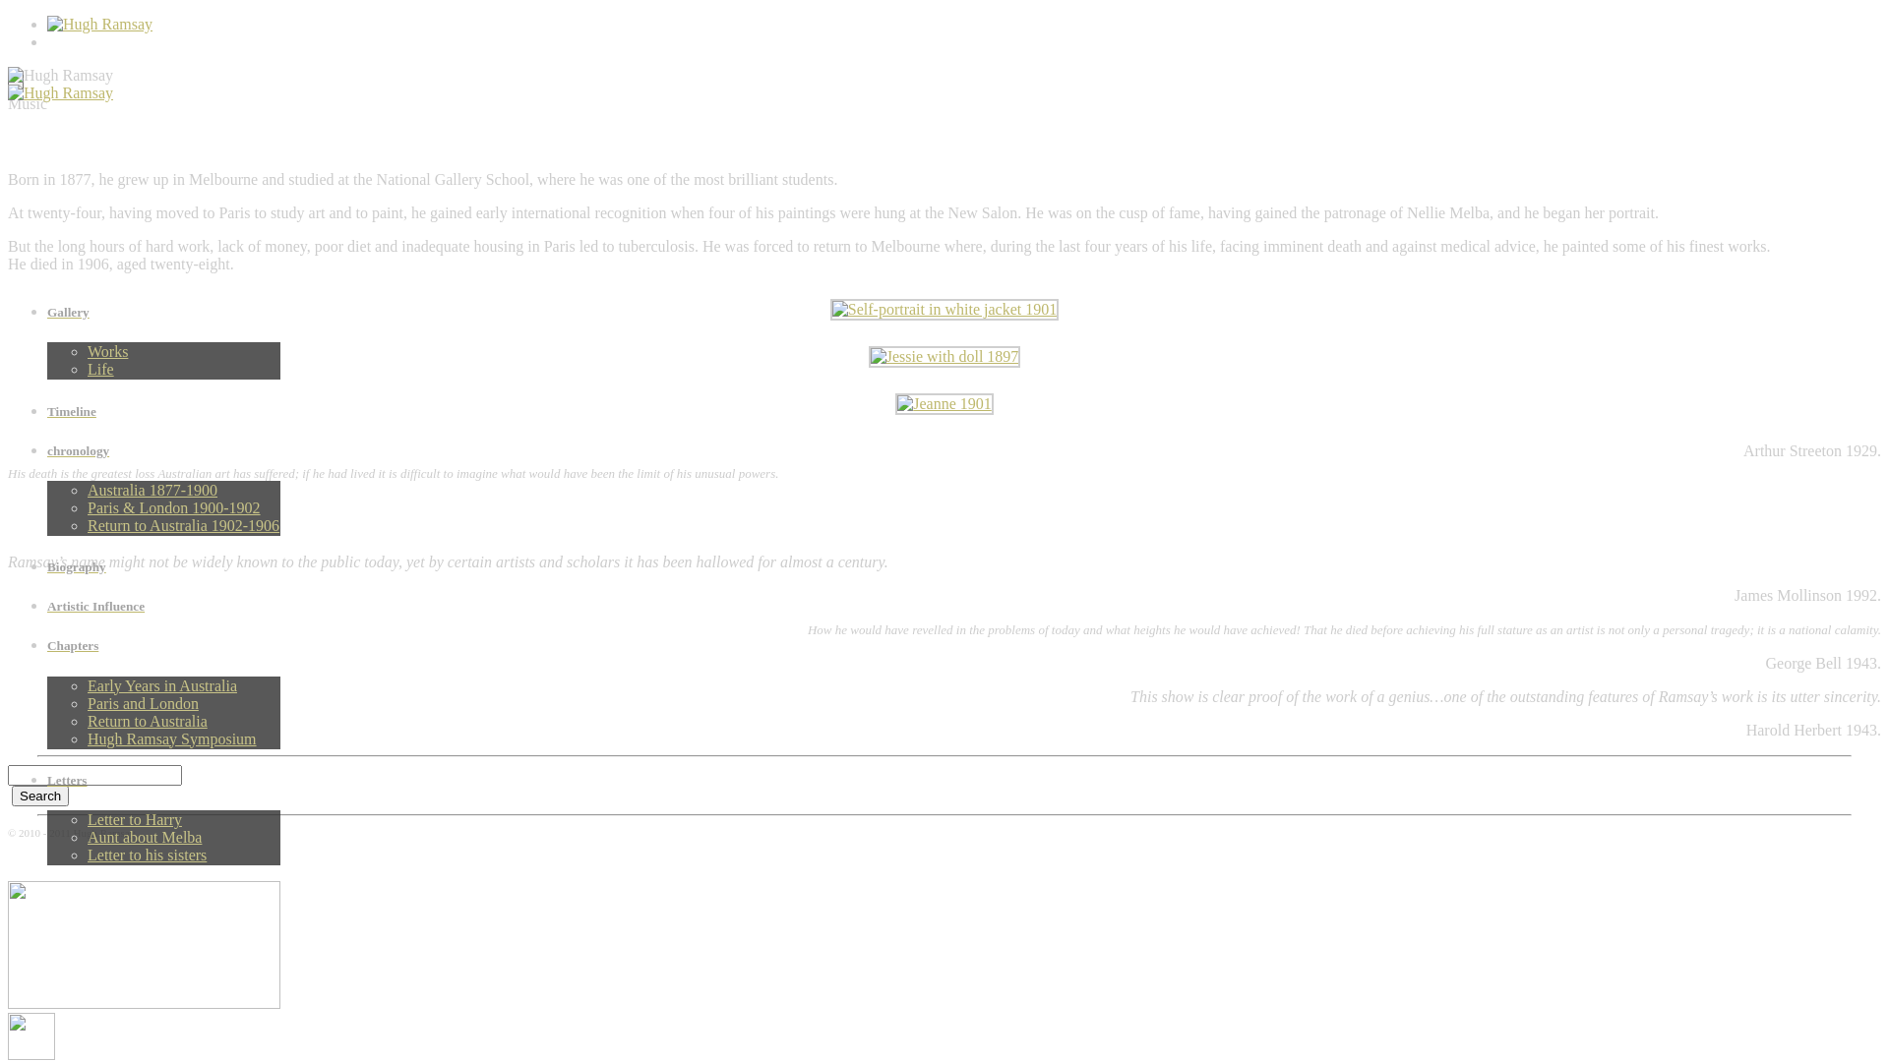  What do you see at coordinates (99, 369) in the screenshot?
I see `'Life'` at bounding box center [99, 369].